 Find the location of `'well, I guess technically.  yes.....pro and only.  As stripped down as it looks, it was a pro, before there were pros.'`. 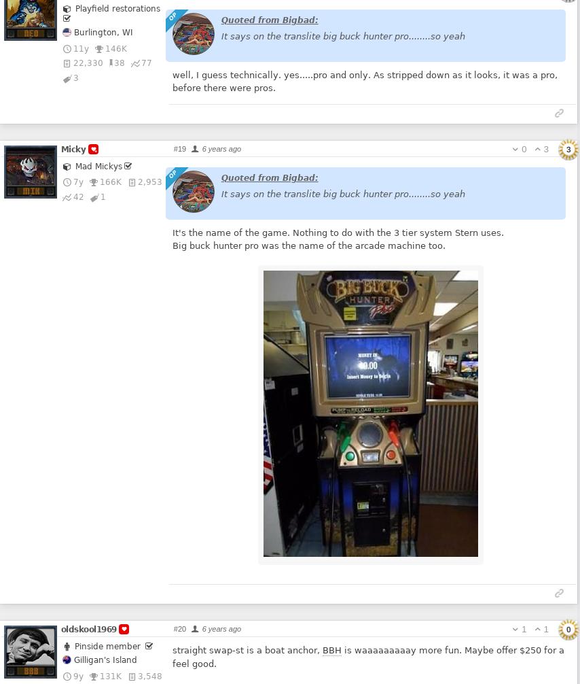

'well, I guess technically.  yes.....pro and only.  As stripped down as it looks, it was a pro, before there were pros.' is located at coordinates (364, 81).